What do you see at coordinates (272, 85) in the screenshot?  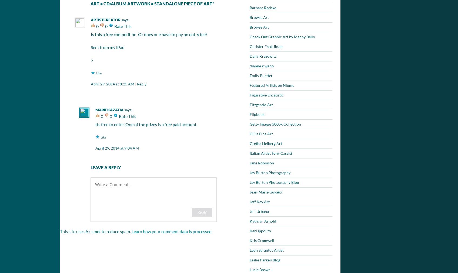 I see `'Featured Artists on Niume'` at bounding box center [272, 85].